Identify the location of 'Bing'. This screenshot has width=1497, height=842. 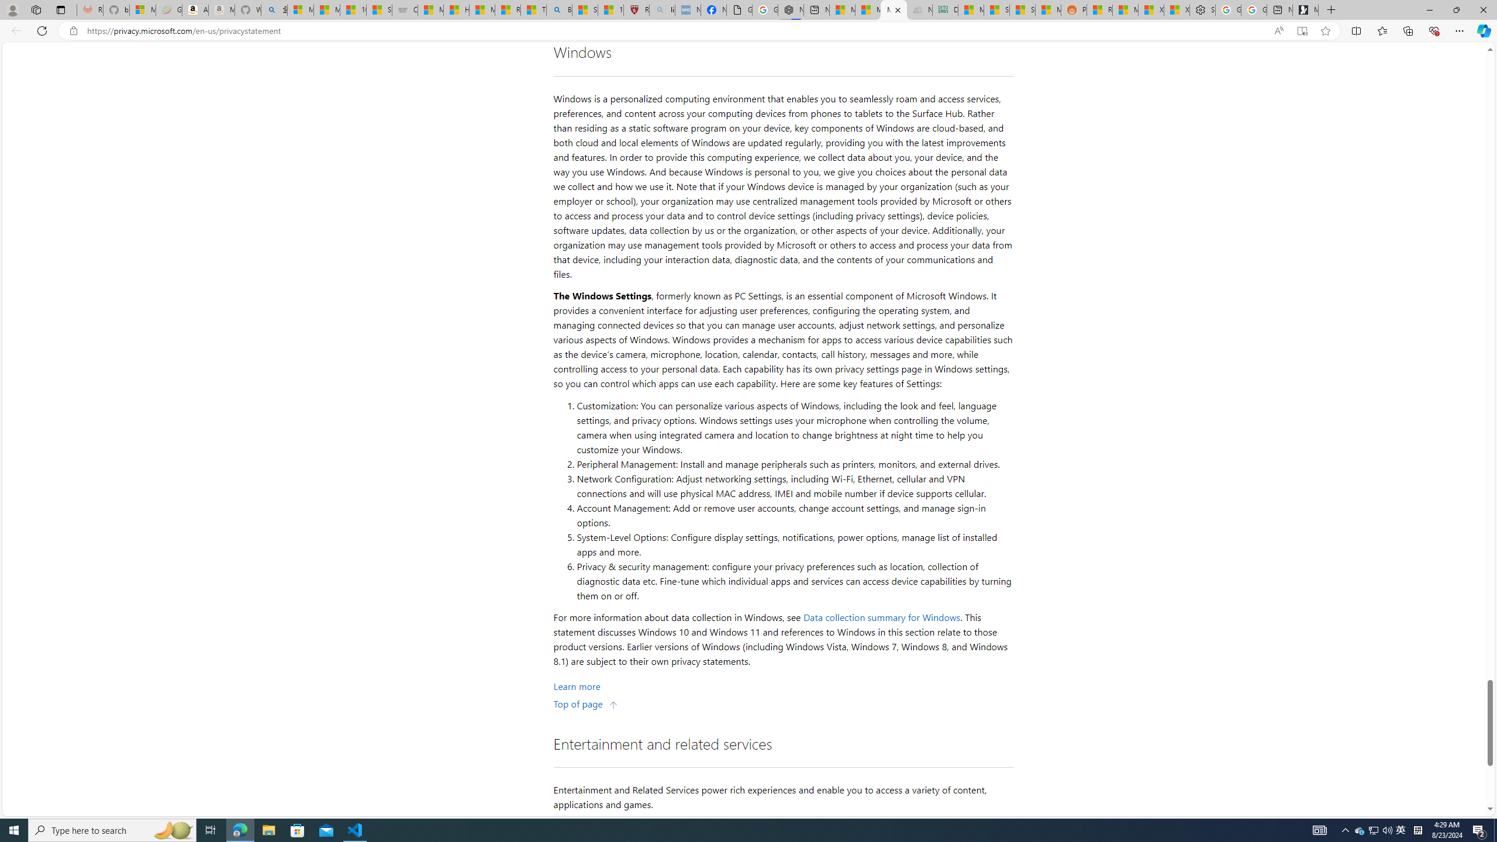
(560, 9).